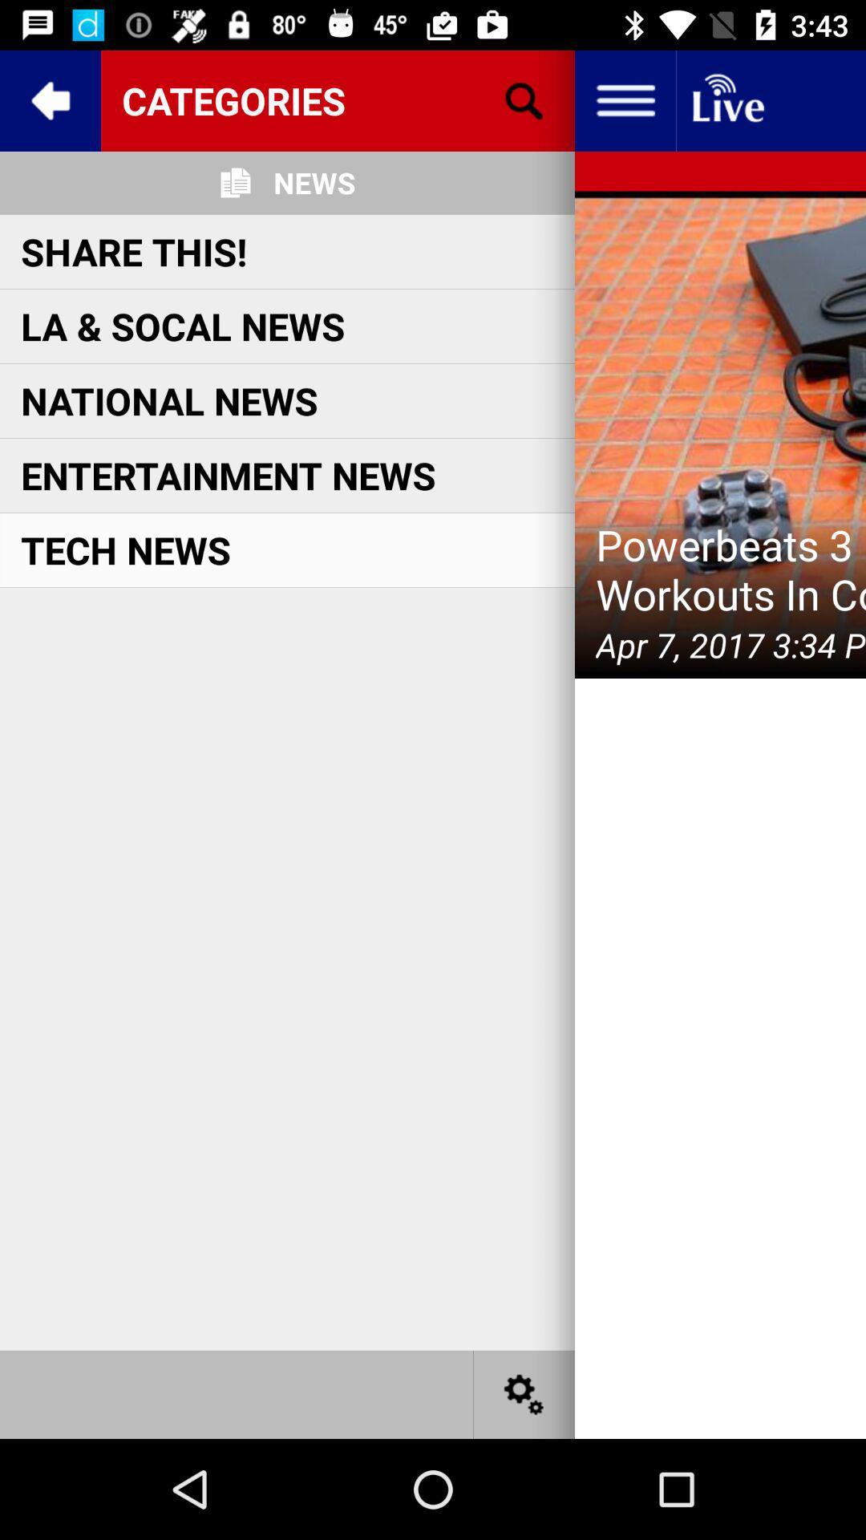 The width and height of the screenshot is (866, 1540). What do you see at coordinates (624, 99) in the screenshot?
I see `open dropdown menu` at bounding box center [624, 99].